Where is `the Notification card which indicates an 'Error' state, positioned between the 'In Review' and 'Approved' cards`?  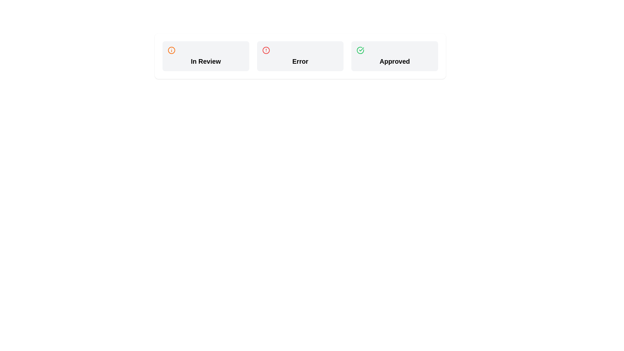
the Notification card which indicates an 'Error' state, positioned between the 'In Review' and 'Approved' cards is located at coordinates (300, 56).